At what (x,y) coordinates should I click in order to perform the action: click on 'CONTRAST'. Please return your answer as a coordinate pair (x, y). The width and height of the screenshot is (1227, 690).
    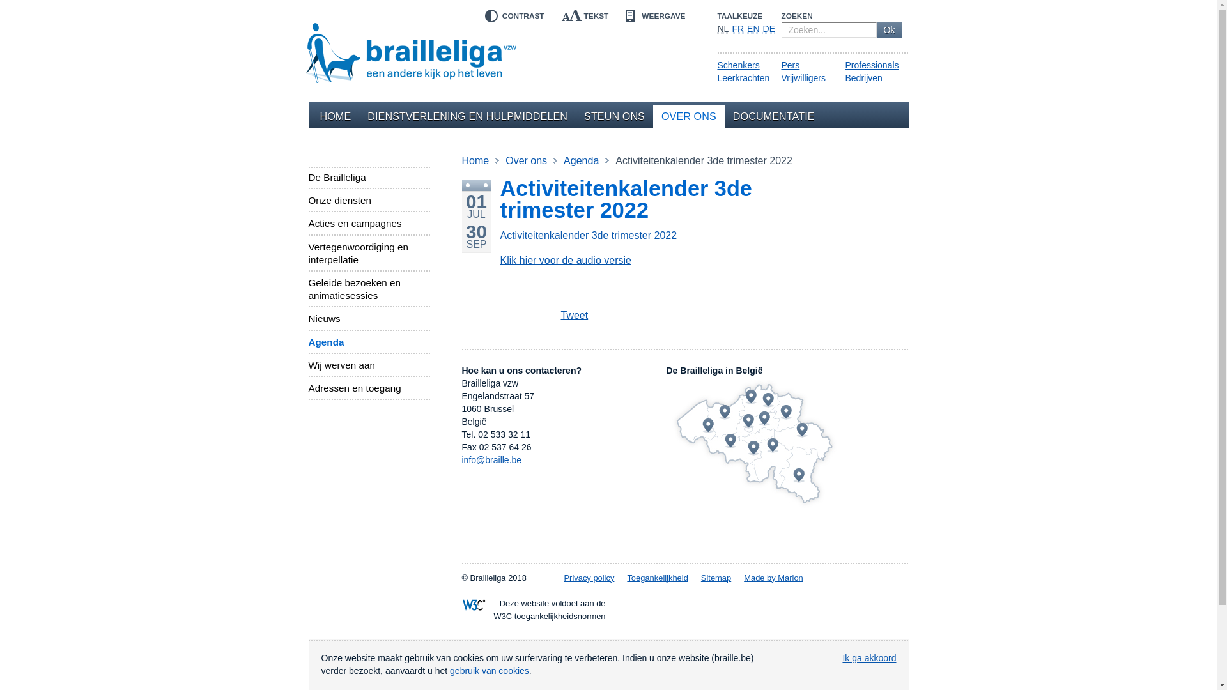
    Looking at the image, I should click on (512, 15).